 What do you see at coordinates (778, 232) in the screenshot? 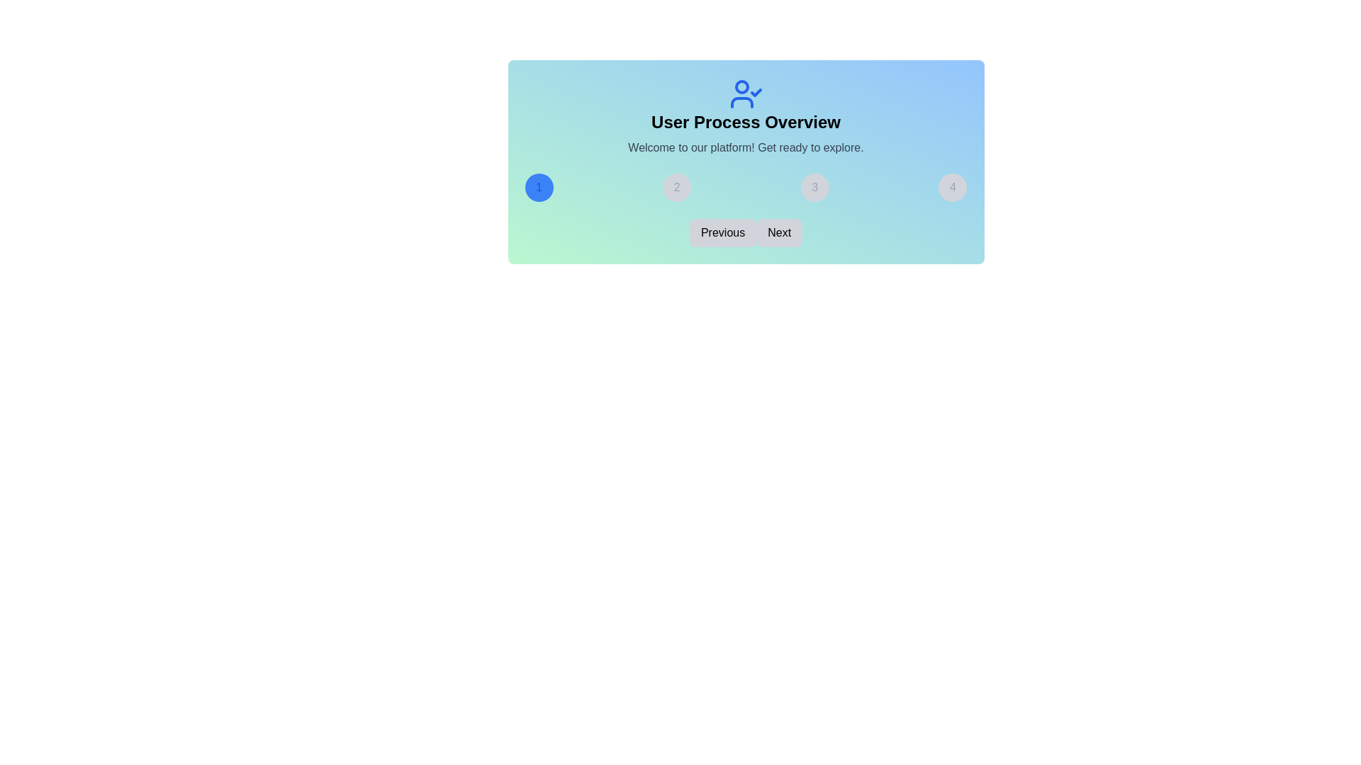
I see `'Next' button to navigate to the next step` at bounding box center [778, 232].